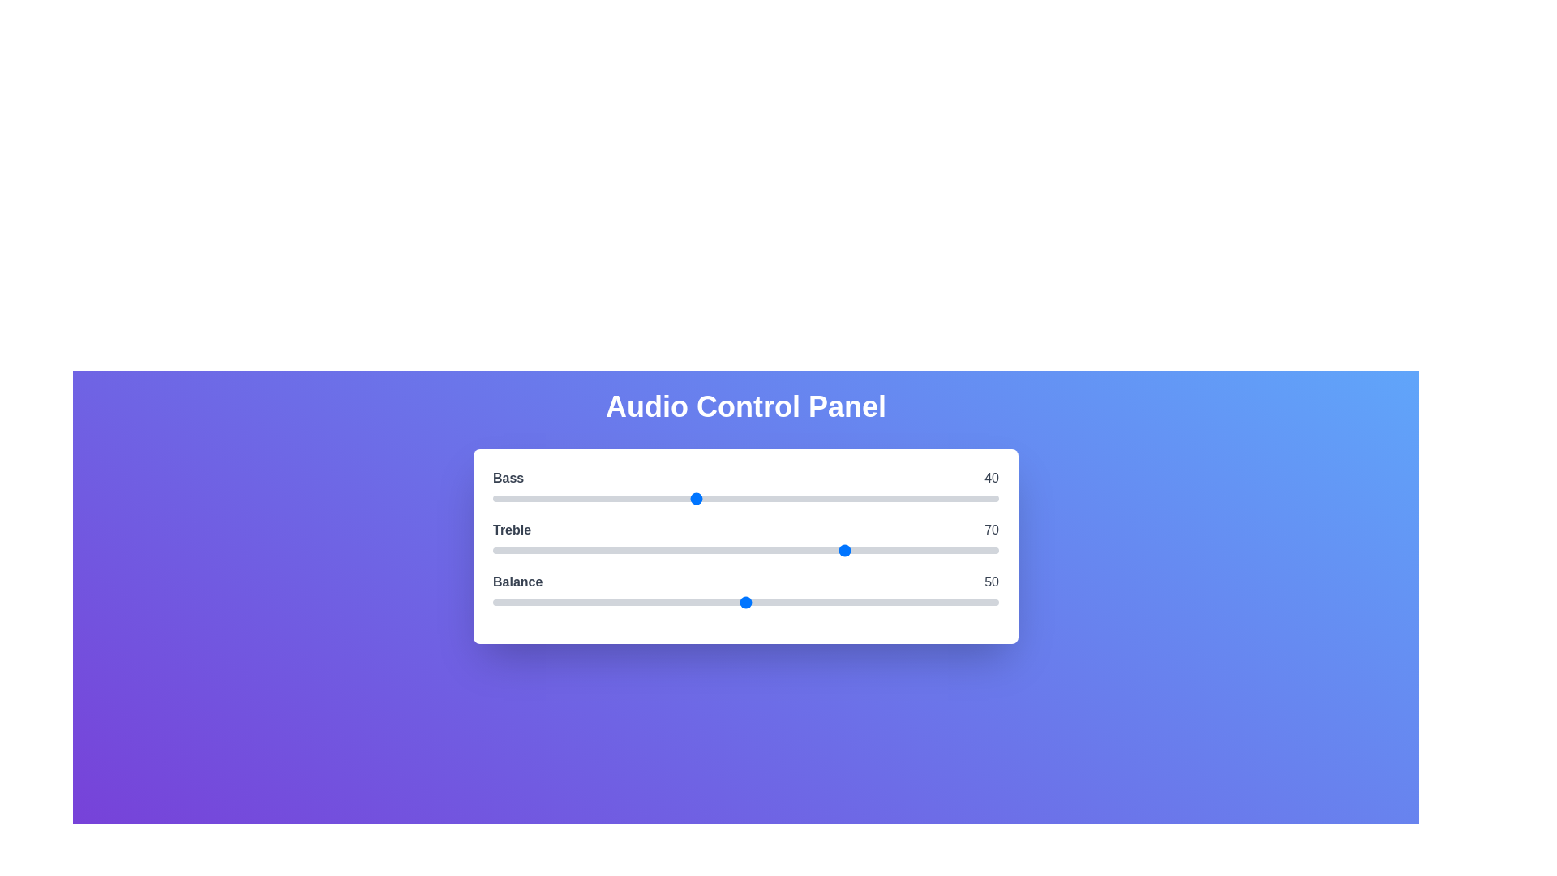  I want to click on the 0 slider to 29, so click(638, 497).